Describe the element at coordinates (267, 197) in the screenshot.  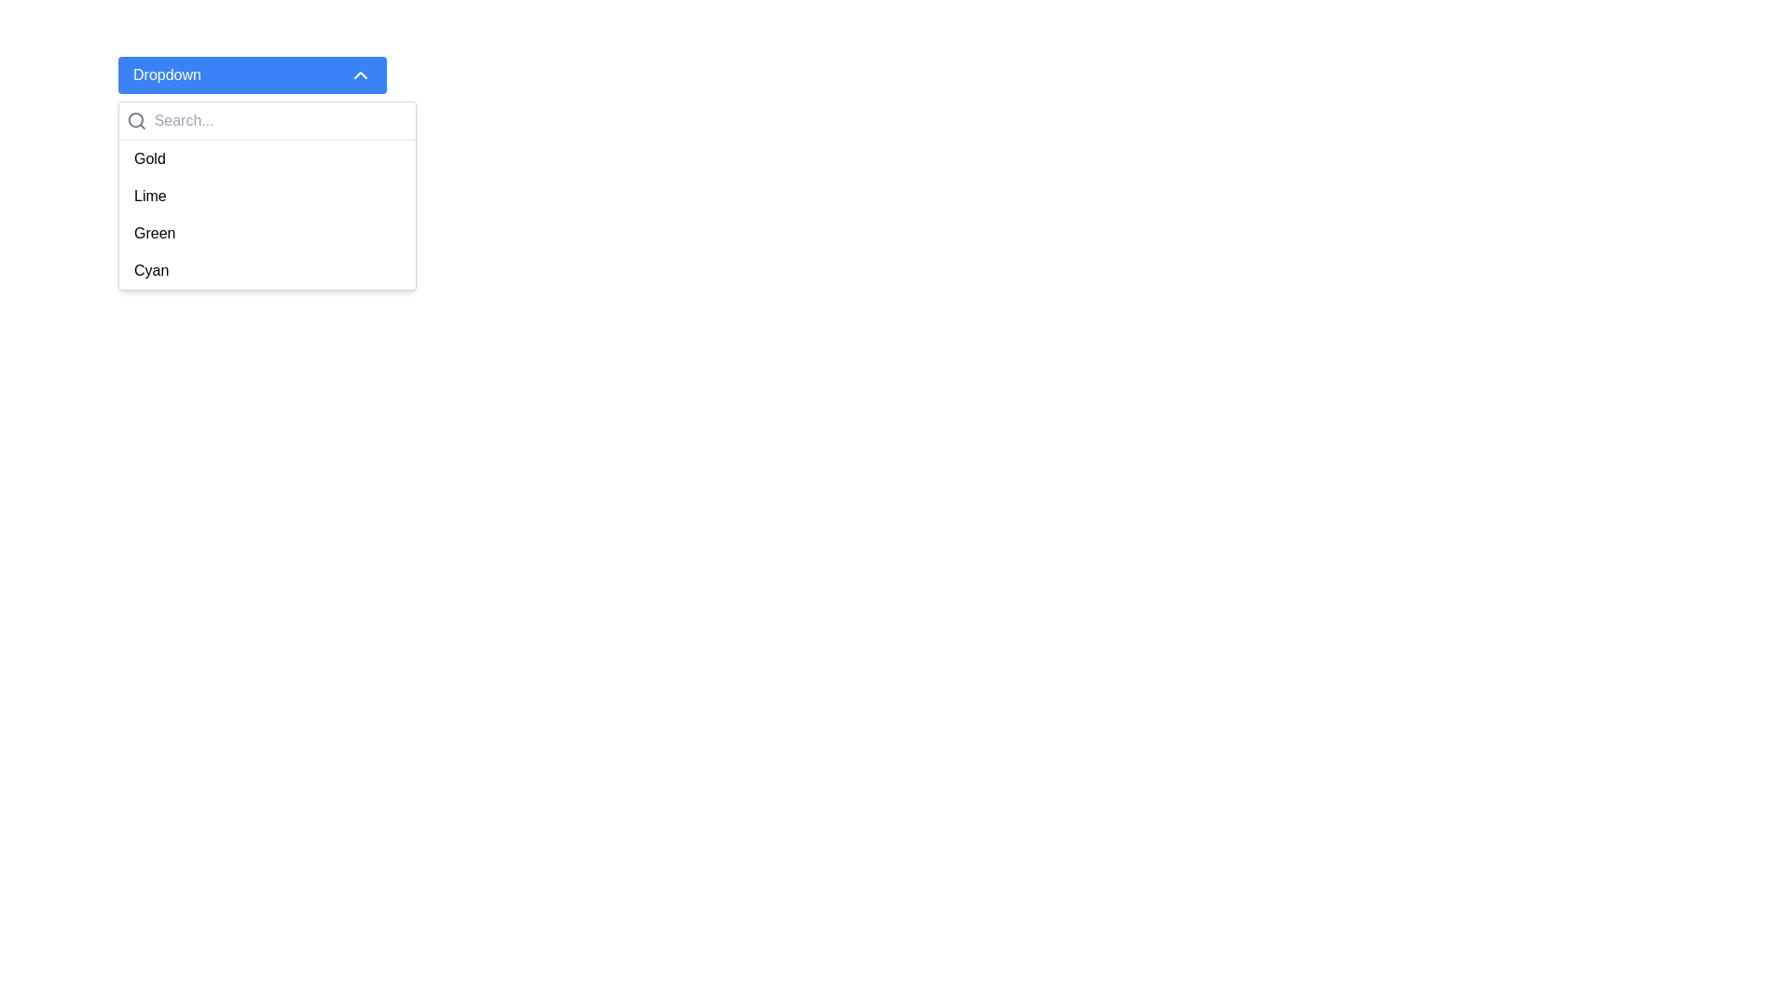
I see `the 'Lime' option in the dropdown menu` at that location.